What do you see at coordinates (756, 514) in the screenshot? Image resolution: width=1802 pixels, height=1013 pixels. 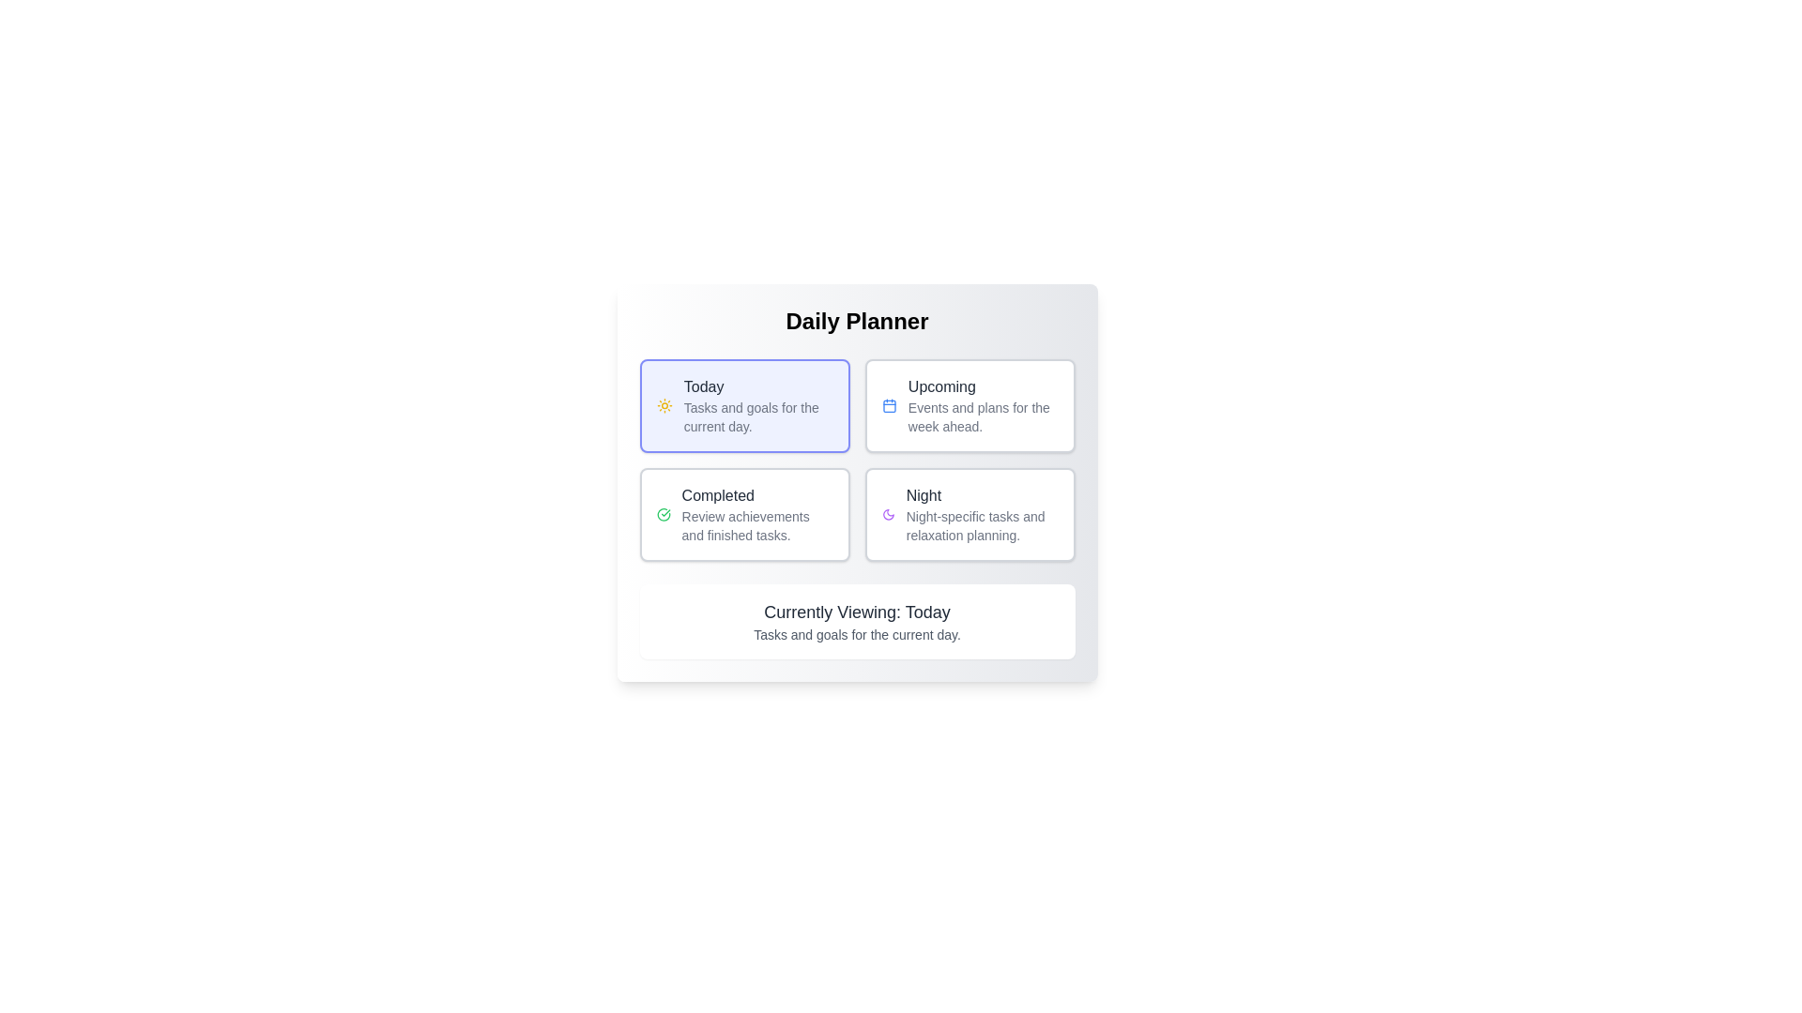 I see `the text block displaying 'Completed' in the Daily Planner interface, located in the bottom-left quadrant below the 'Today' section` at bounding box center [756, 514].